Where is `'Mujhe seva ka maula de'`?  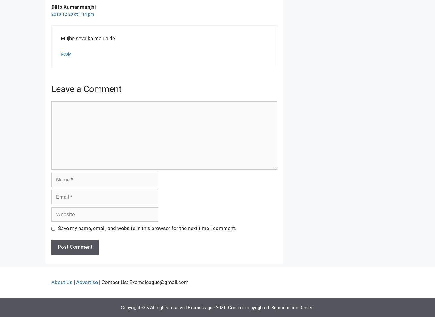
'Mujhe seva ka maula de' is located at coordinates (88, 38).